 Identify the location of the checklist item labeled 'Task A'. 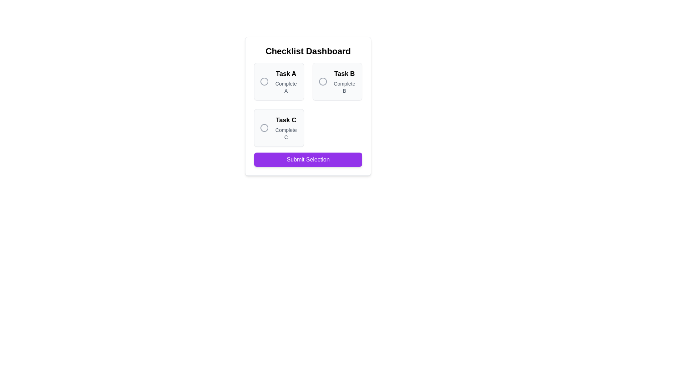
(278, 81).